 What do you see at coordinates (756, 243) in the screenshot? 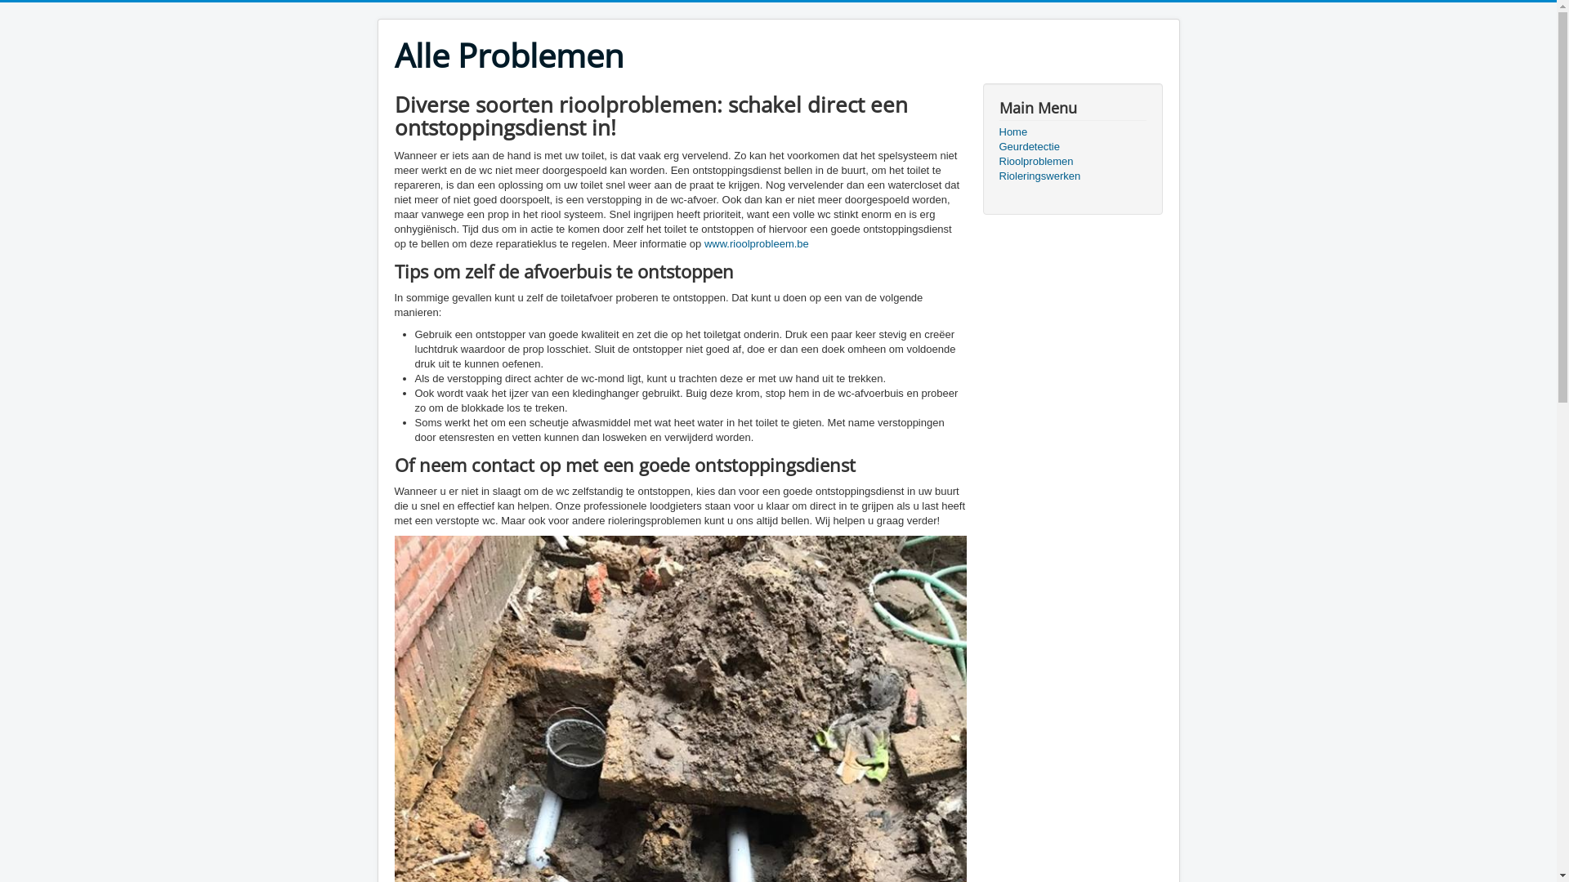
I see `'www.rioolprobleem.be'` at bounding box center [756, 243].